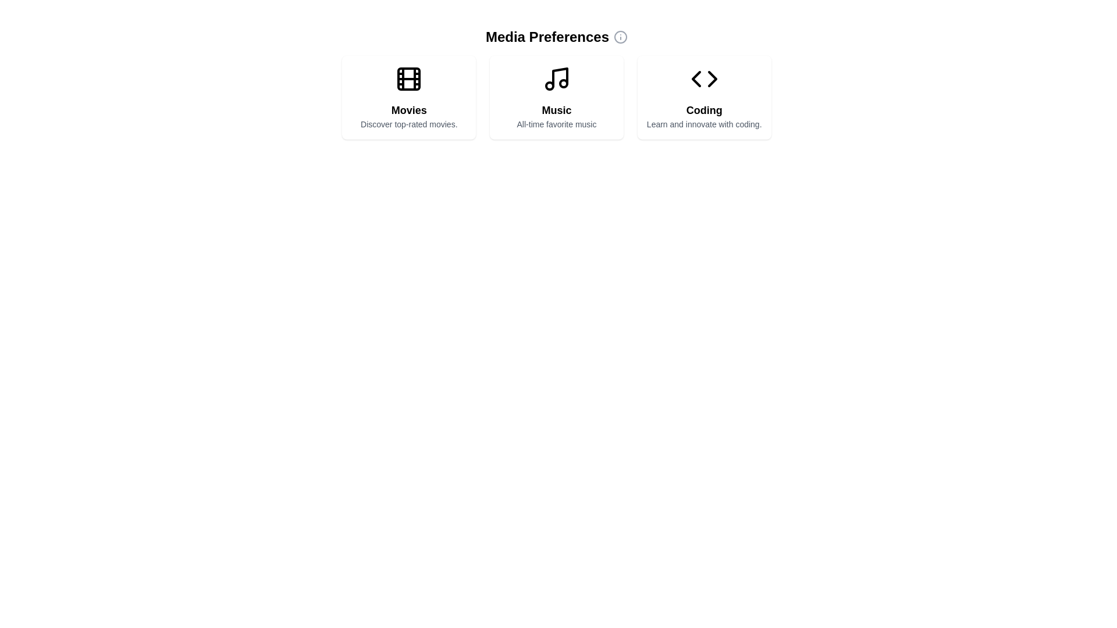  What do you see at coordinates (620, 37) in the screenshot?
I see `the icon located to the right of the 'Media Preferences' text` at bounding box center [620, 37].